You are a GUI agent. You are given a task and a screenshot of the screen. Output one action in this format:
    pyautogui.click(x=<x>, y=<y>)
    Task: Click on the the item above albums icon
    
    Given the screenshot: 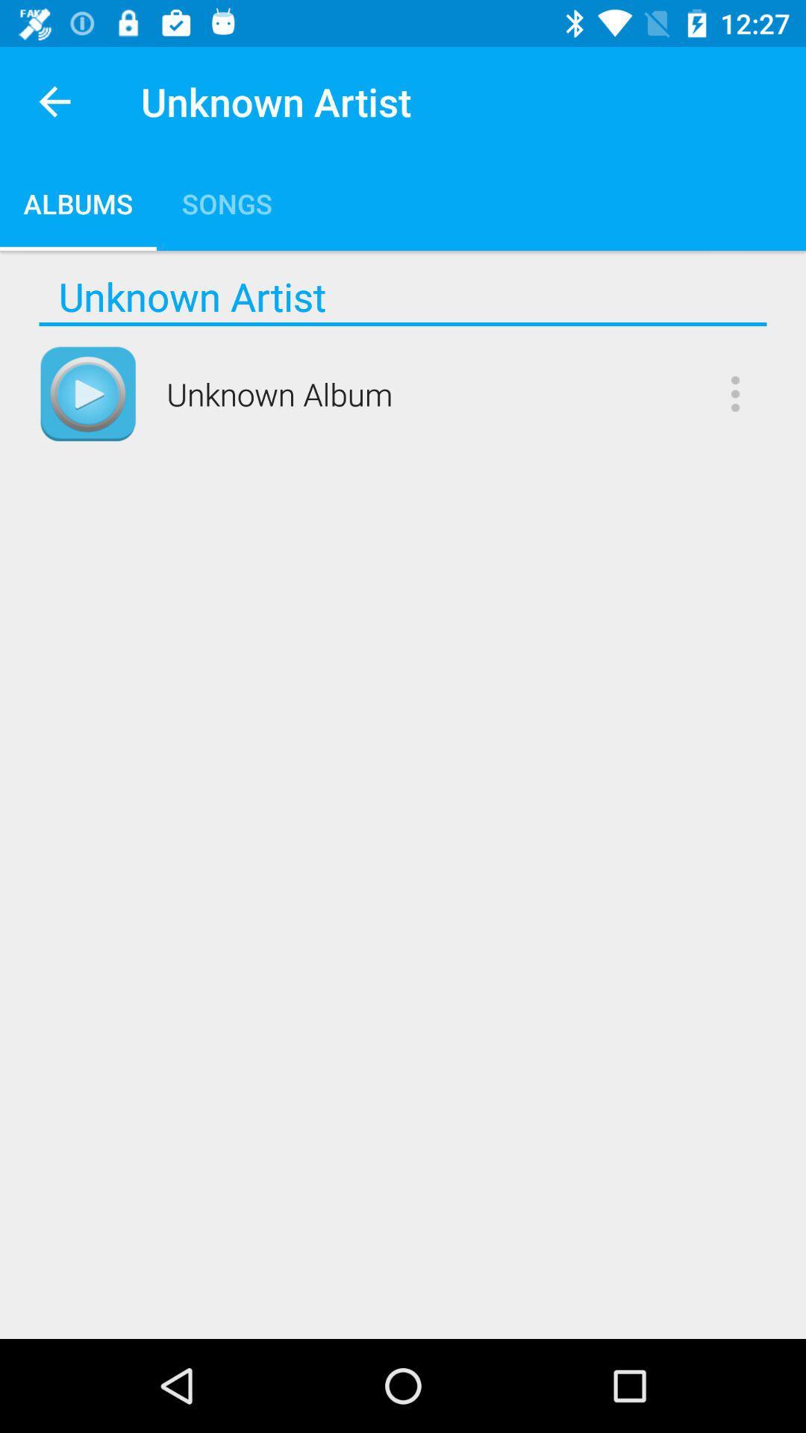 What is the action you would take?
    pyautogui.click(x=54, y=101)
    